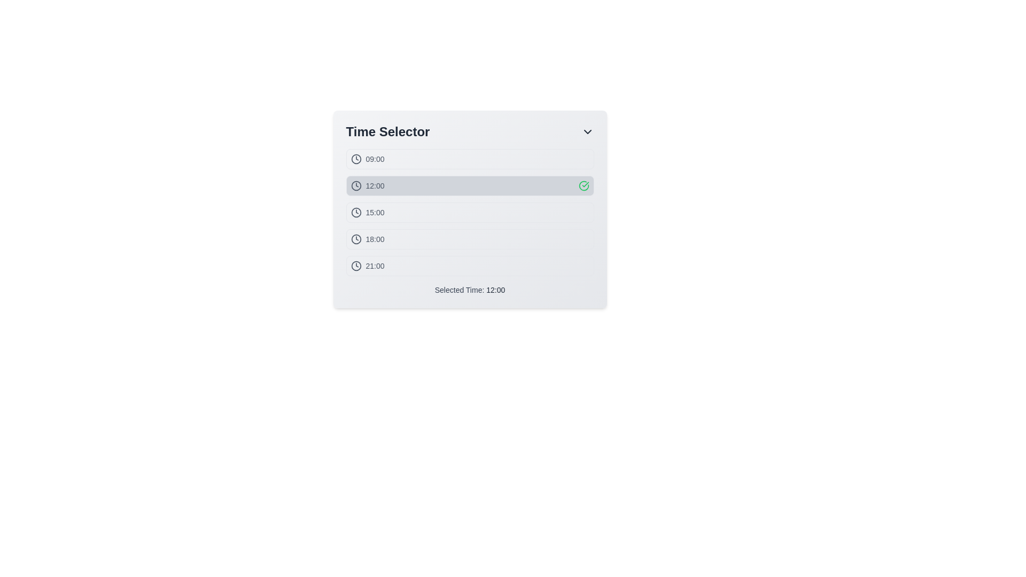 The height and width of the screenshot is (577, 1026). I want to click on the '21:00' time selection button, which is the last element in the vertical list of time options, so click(470, 265).